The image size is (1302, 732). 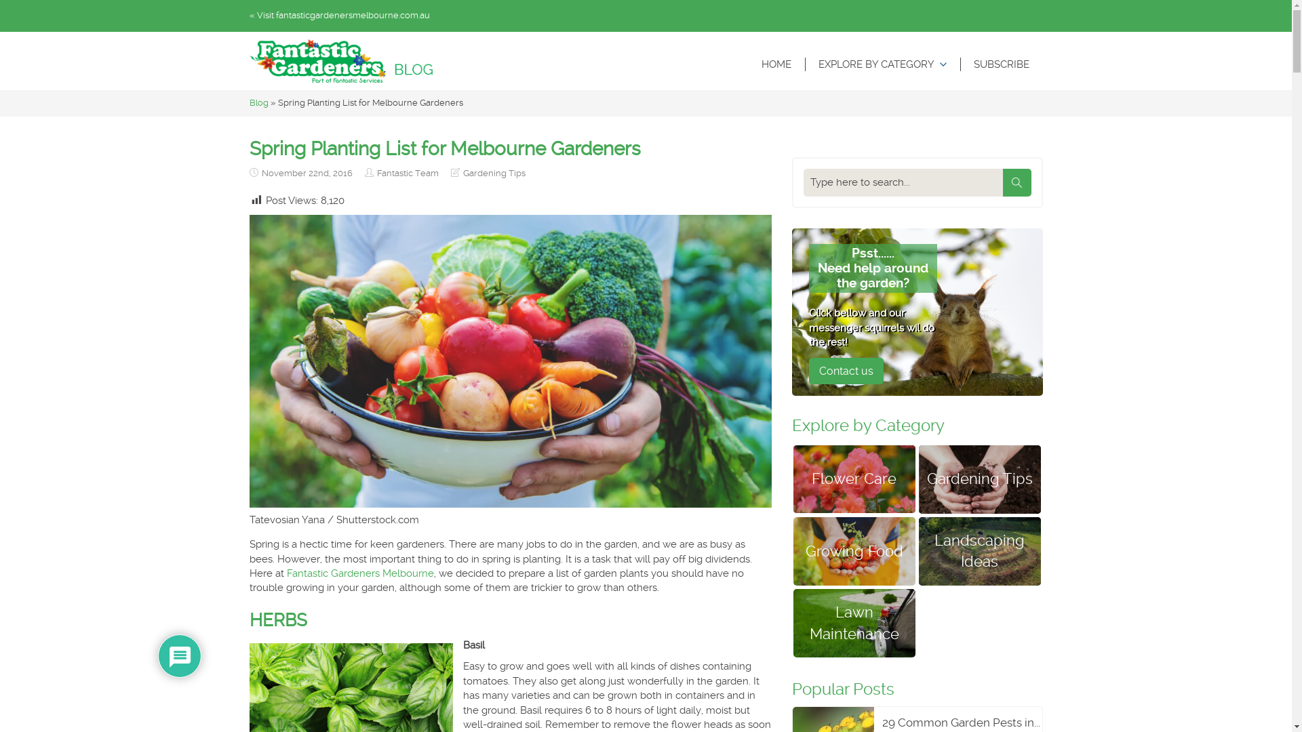 What do you see at coordinates (259, 102) in the screenshot?
I see `'Blog'` at bounding box center [259, 102].